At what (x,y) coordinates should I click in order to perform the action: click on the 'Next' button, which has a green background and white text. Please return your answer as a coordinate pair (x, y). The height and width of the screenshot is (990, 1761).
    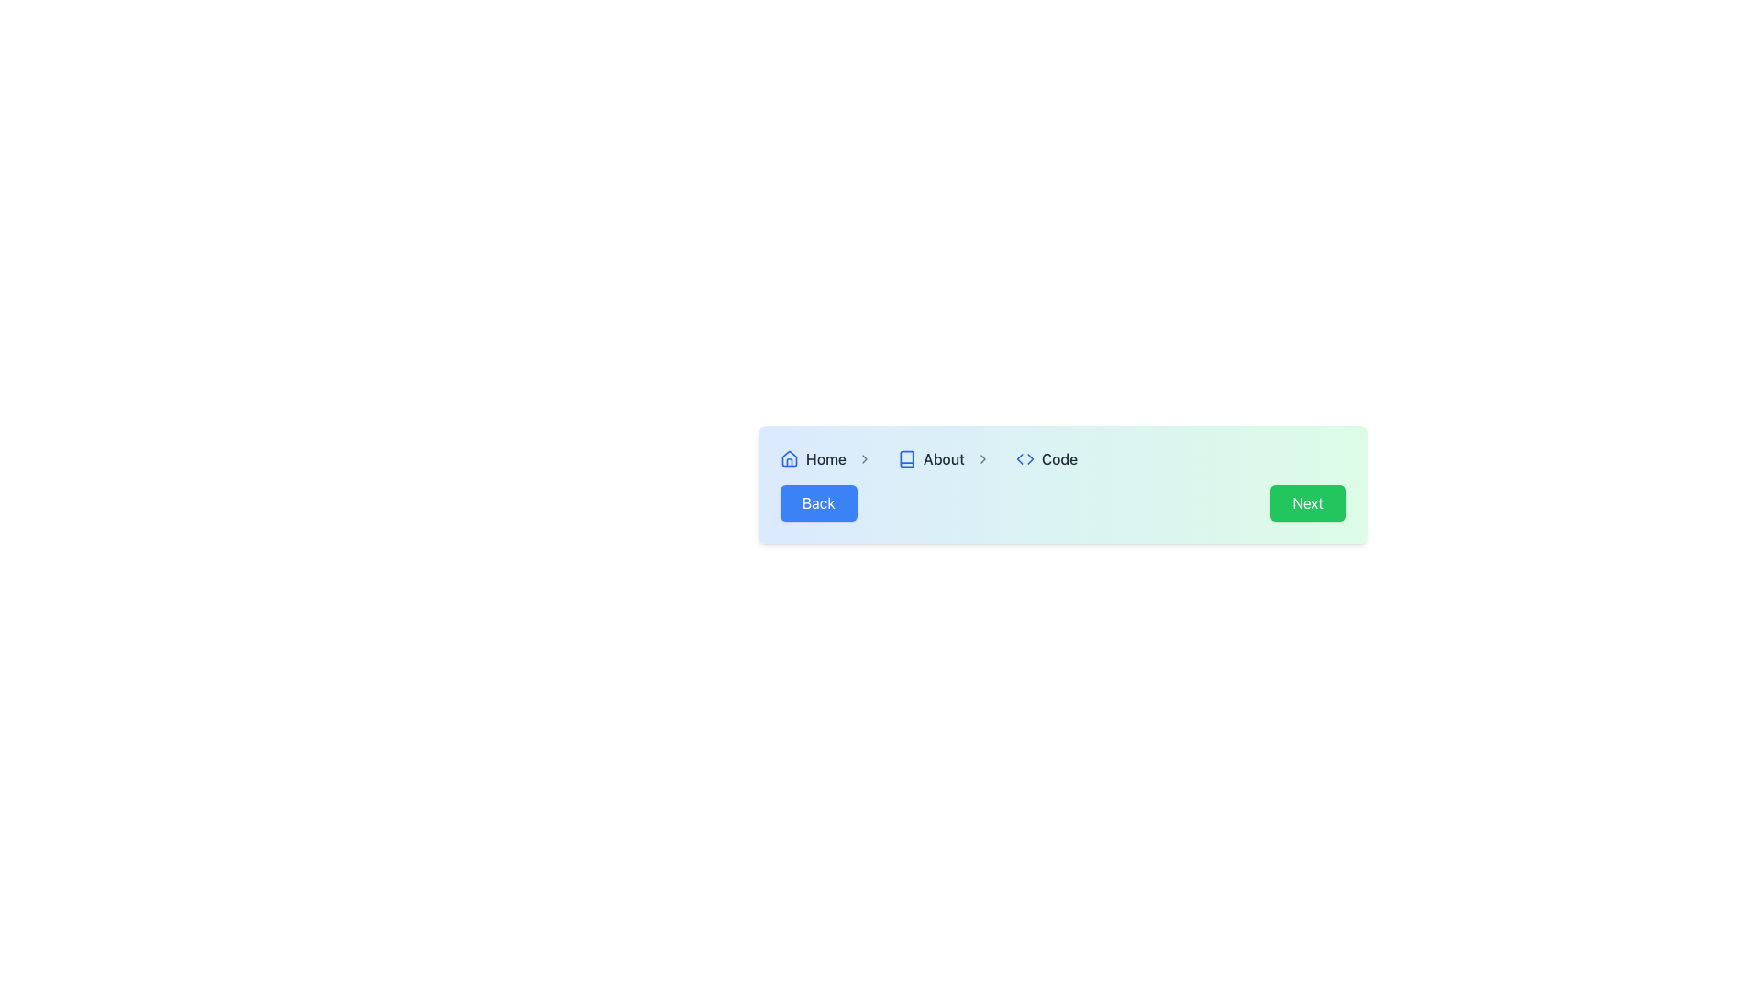
    Looking at the image, I should click on (1307, 502).